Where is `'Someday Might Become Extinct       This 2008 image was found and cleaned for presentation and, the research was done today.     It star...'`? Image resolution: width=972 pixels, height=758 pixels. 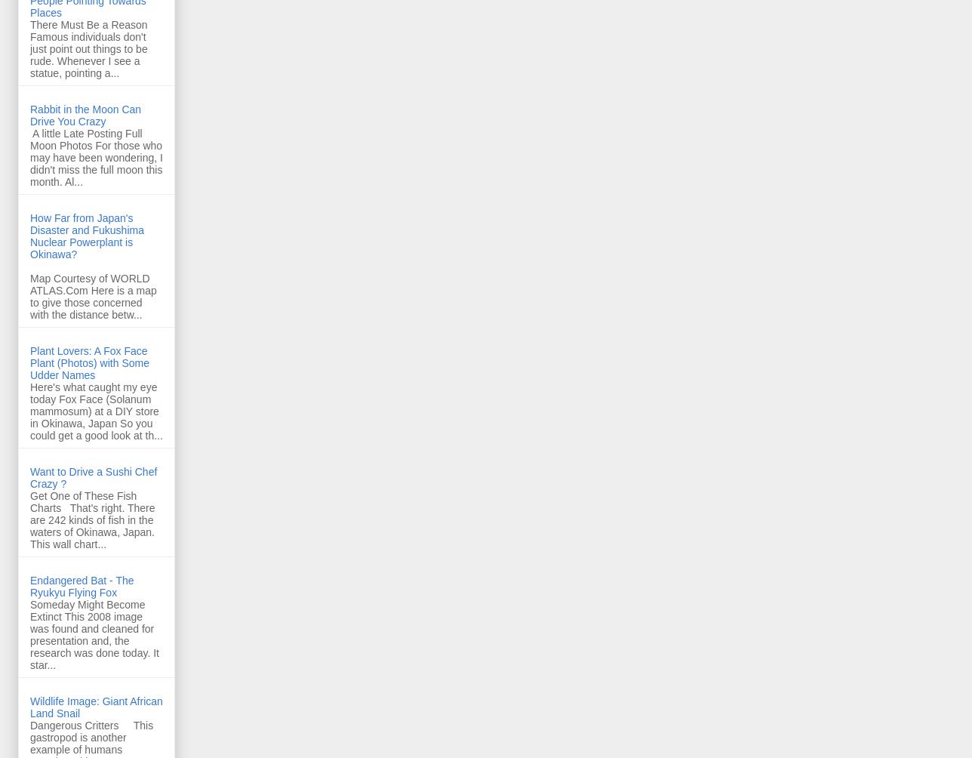 'Someday Might Become Extinct       This 2008 image was found and cleaned for presentation and, the research was done today.     It star...' is located at coordinates (94, 634).